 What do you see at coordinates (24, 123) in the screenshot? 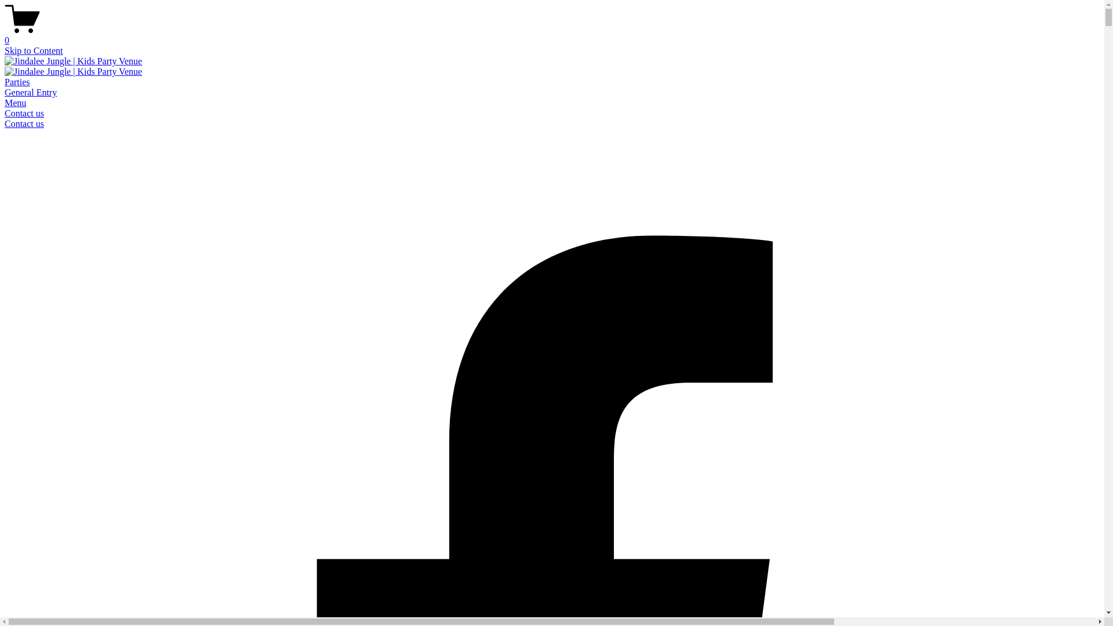
I see `'Contact us'` at bounding box center [24, 123].